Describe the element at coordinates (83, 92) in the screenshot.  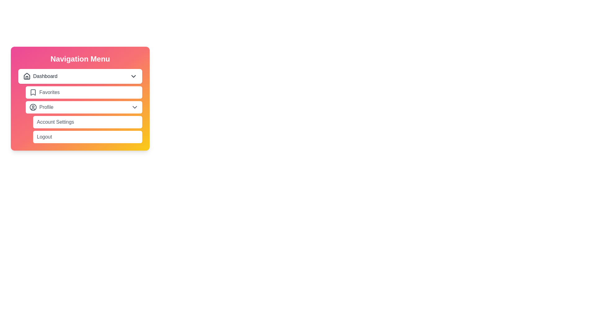
I see `the second button in the vertical menu list, located below 'Dashboard' and above 'Profile'` at that location.